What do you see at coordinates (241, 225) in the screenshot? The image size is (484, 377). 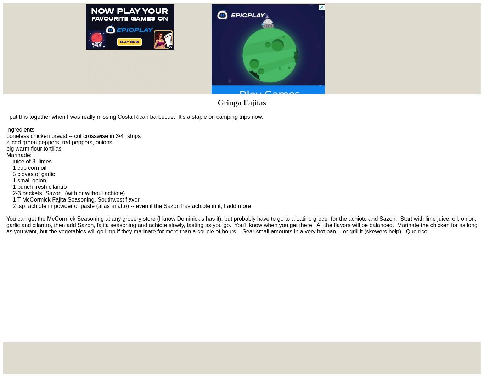 I see `'You can get the McCormick Seasoning at any grocery store (I know Dominick's has it), but probably have to go to a Latino grocer for the achiote and Sazon.  Start with lime juice, oil, onion, garlic and cilantro, then add Sazon, fajita seasoning and achiote slowly, tasting as you go.  You'll know when you get there.  All the flavors will be balanced.  Marinate the chicken for as long as you want, but the vegetables will go limp if they marinate for more than a couple of hours.   Sear small amounts in a very hot pan -- or grill it (skewers help).  Que rico!'` at bounding box center [241, 225].